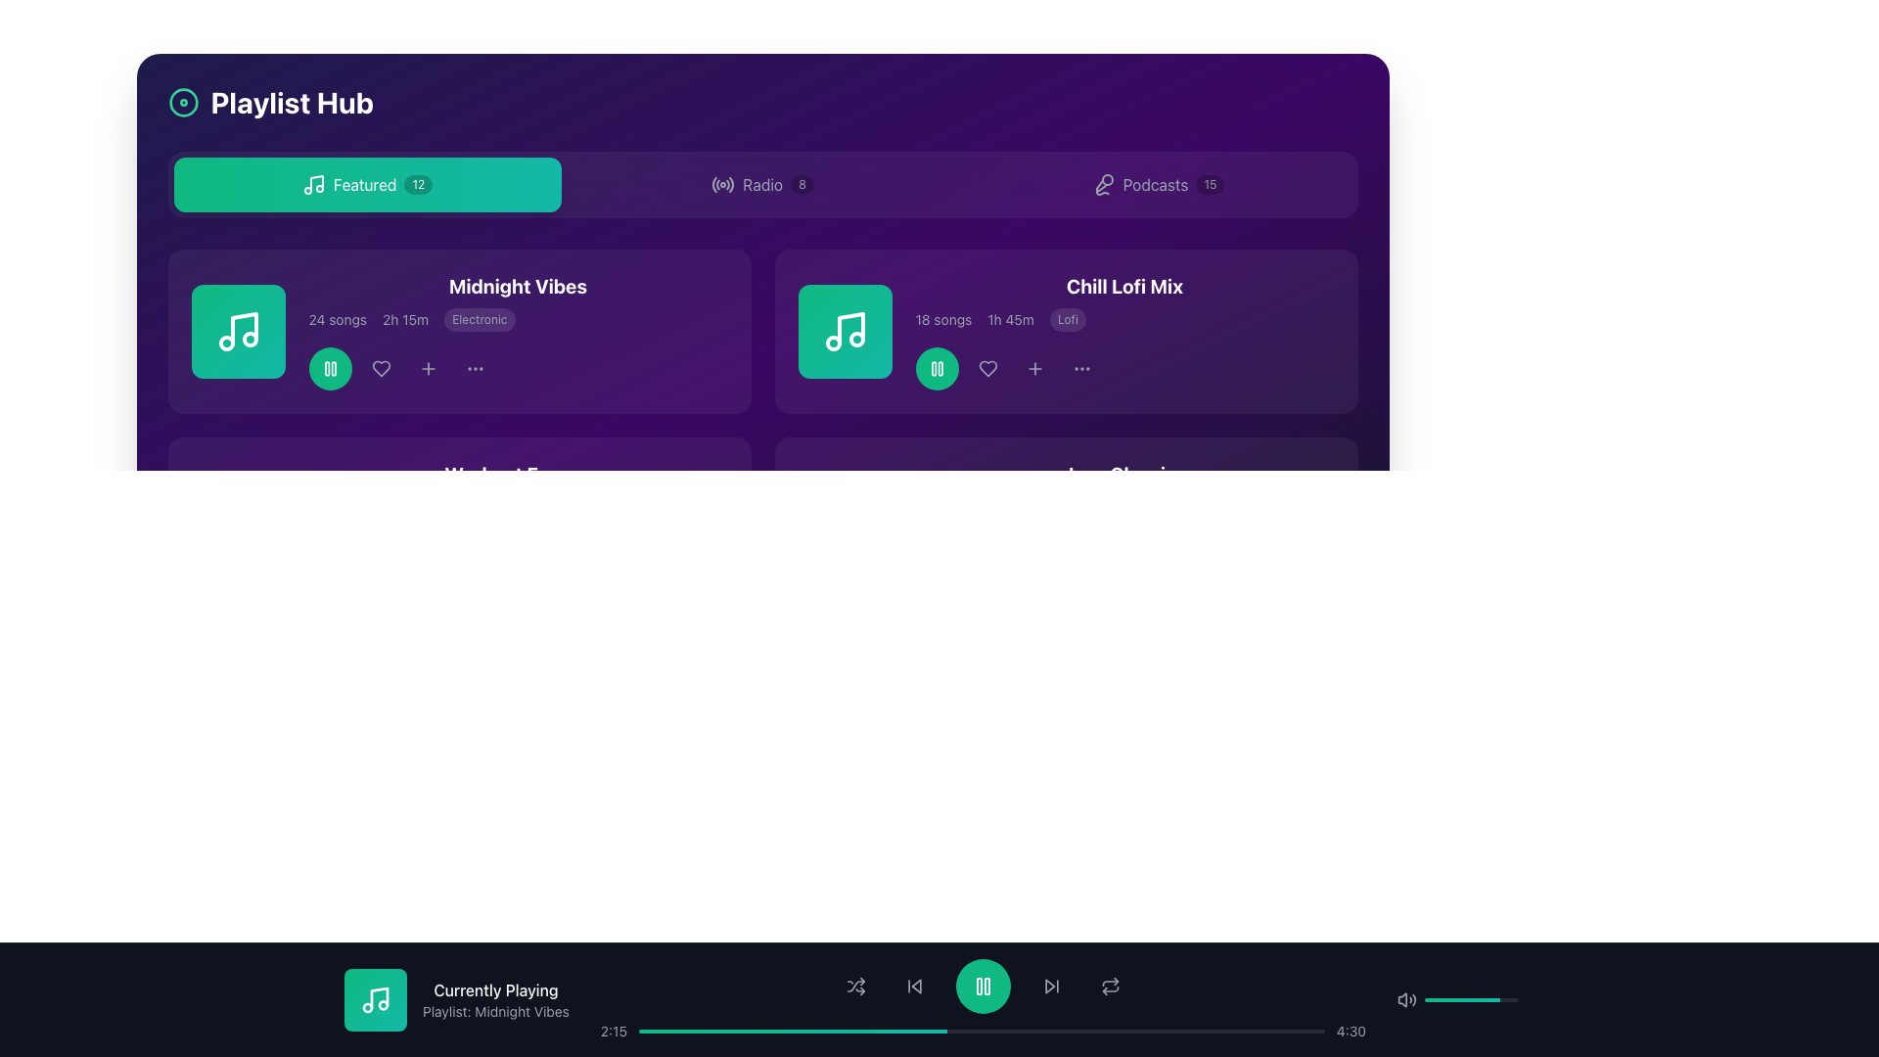 The image size is (1879, 1057). I want to click on the left vertical rectangular block with rounded corners in the lower toolbar, so click(327, 369).